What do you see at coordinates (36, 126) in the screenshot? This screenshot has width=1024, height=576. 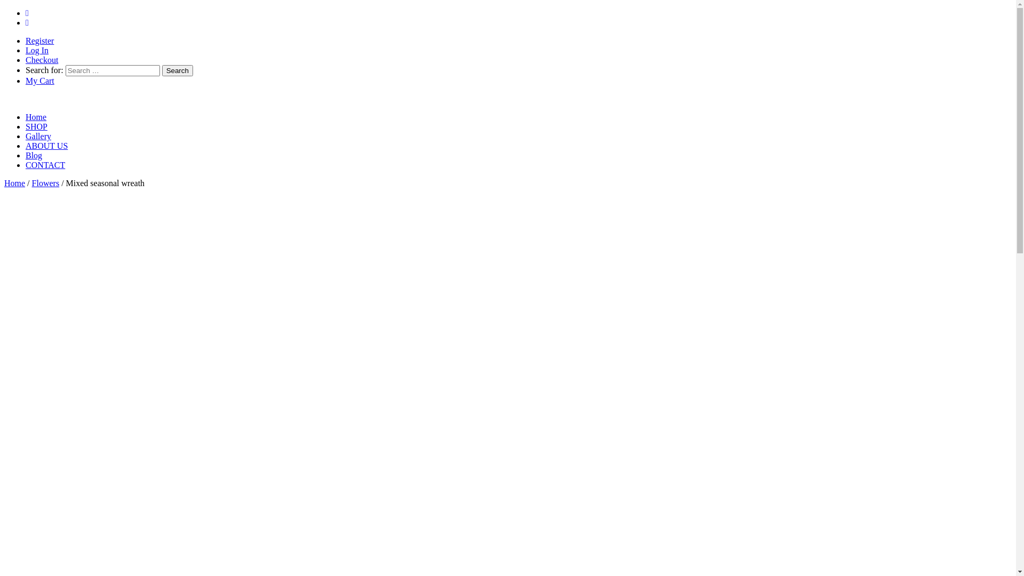 I see `'SHOP'` at bounding box center [36, 126].